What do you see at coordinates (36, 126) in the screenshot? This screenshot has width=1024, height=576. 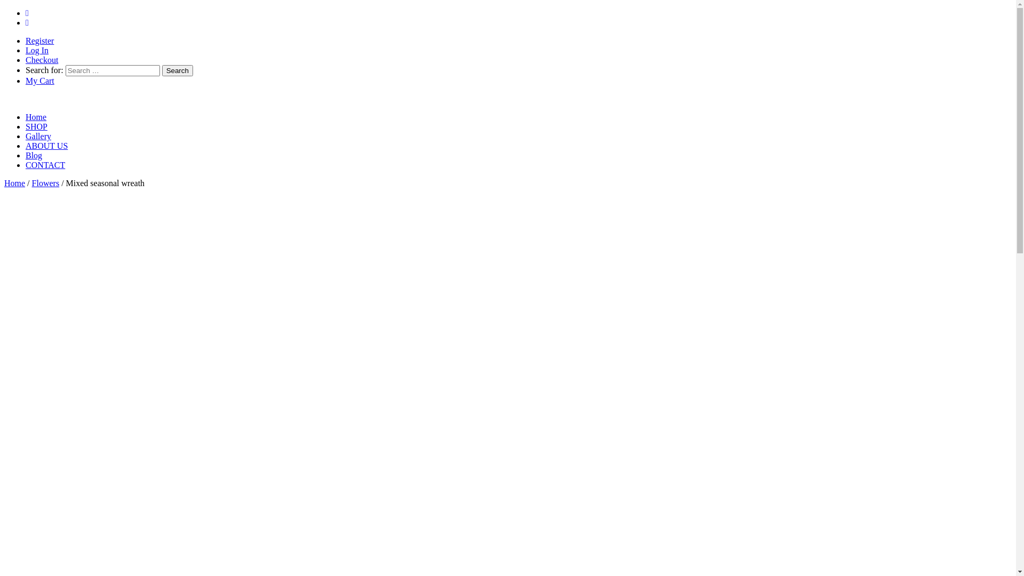 I see `'SHOP'` at bounding box center [36, 126].